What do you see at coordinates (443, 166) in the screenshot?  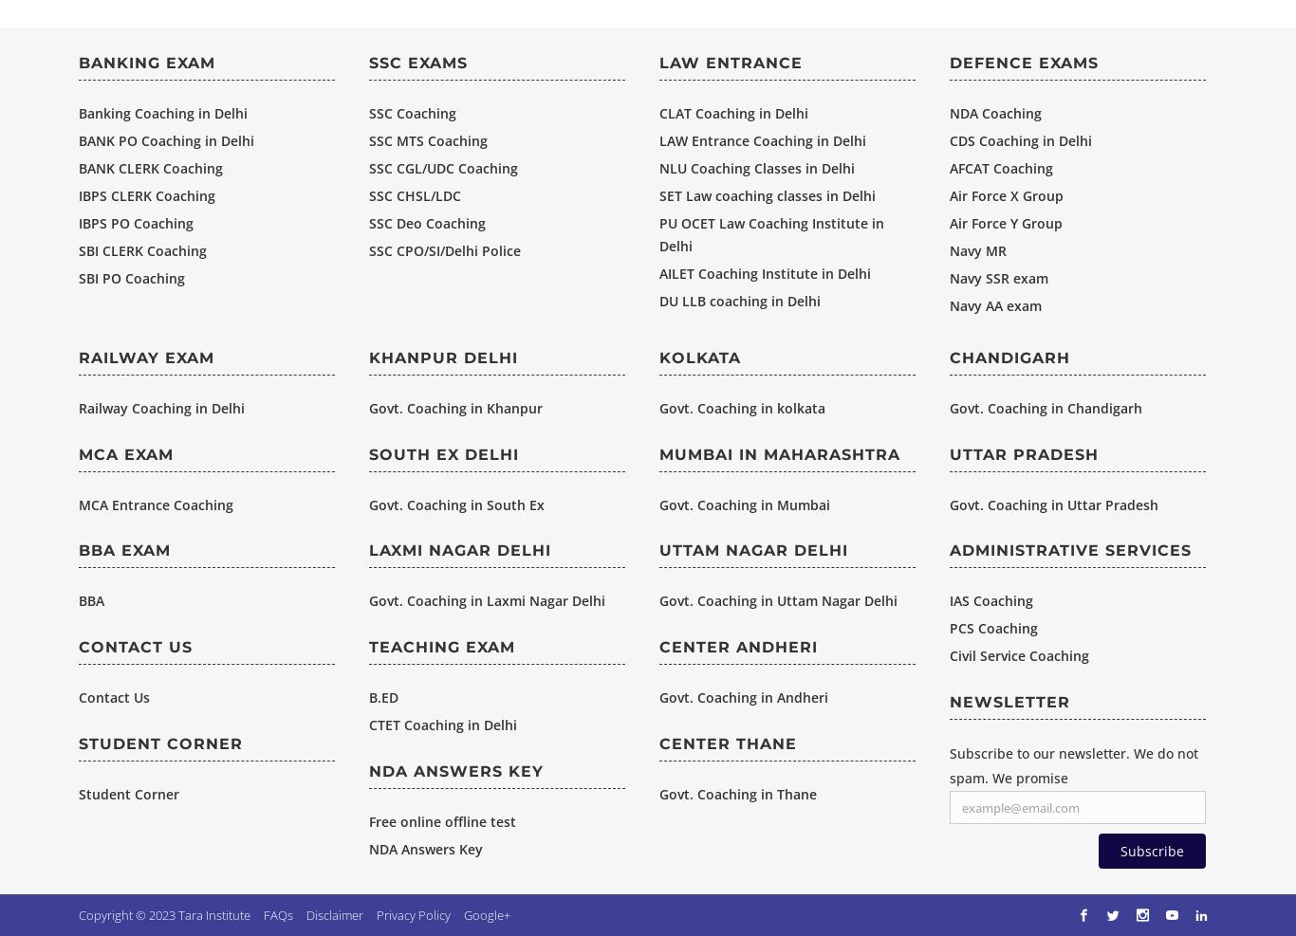 I see `'SSC CGL/UDC Coaching'` at bounding box center [443, 166].